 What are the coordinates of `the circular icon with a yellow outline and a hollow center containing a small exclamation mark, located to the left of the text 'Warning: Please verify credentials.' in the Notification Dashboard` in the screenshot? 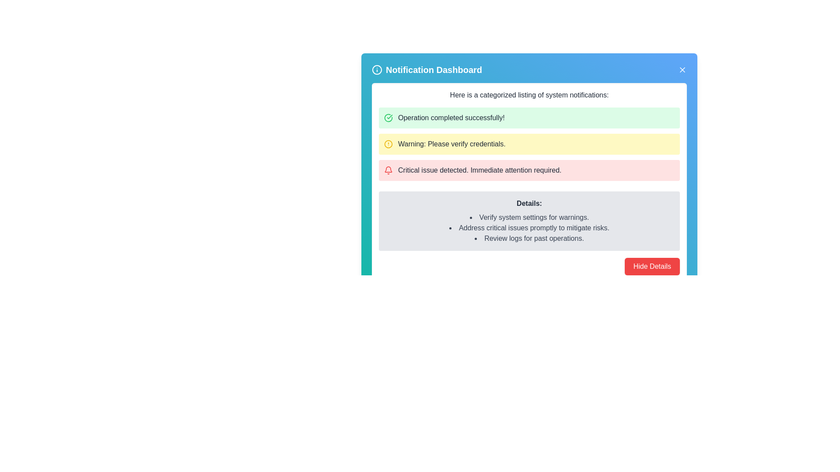 It's located at (388, 144).